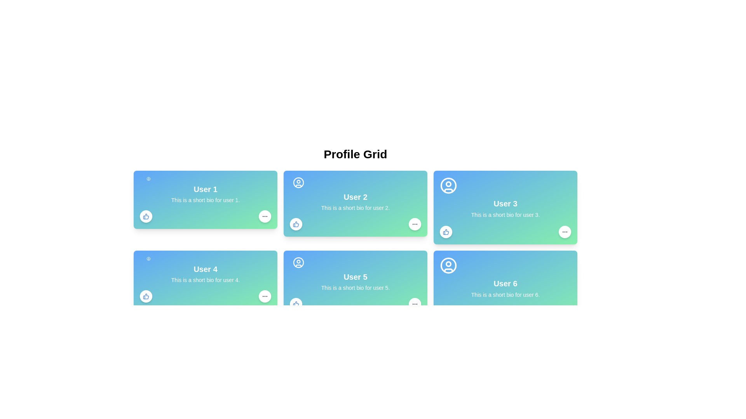  I want to click on the Ellipsis icon inside the circular button located at the bottom-right corner of the profile card labeled 'User 6', so click(415, 303).